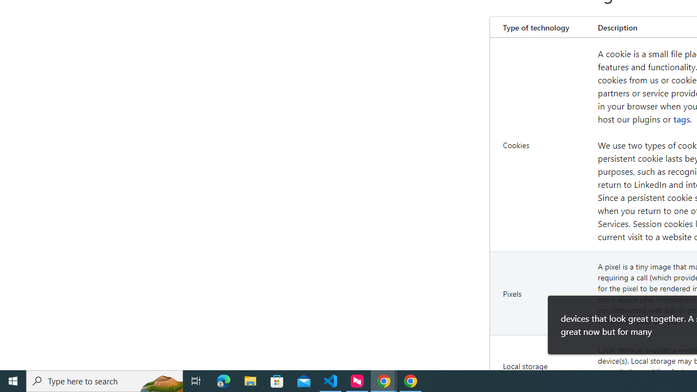 The height and width of the screenshot is (392, 697). What do you see at coordinates (681, 119) in the screenshot?
I see `'tags'` at bounding box center [681, 119].